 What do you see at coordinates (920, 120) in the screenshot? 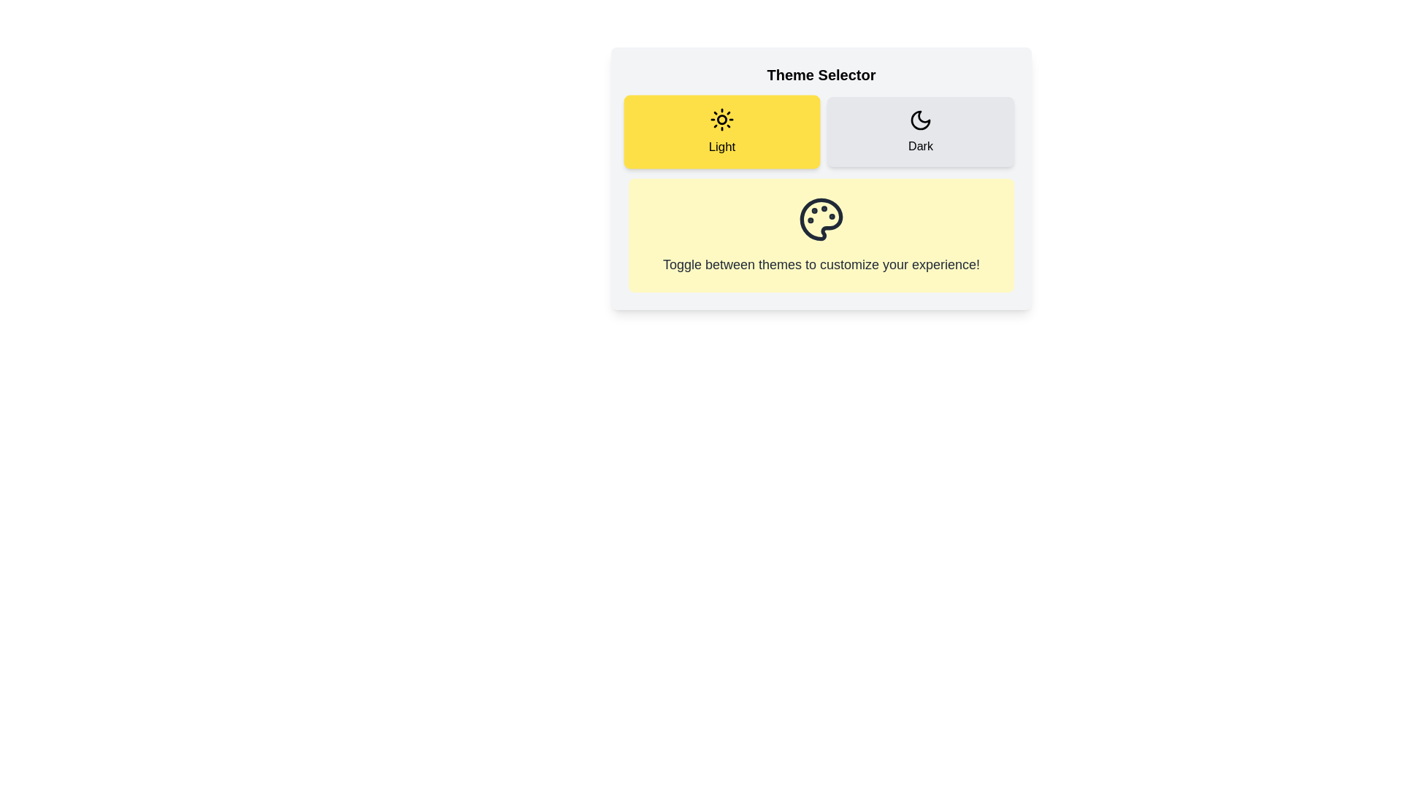
I see `the crescent moon icon in the theme selector` at bounding box center [920, 120].